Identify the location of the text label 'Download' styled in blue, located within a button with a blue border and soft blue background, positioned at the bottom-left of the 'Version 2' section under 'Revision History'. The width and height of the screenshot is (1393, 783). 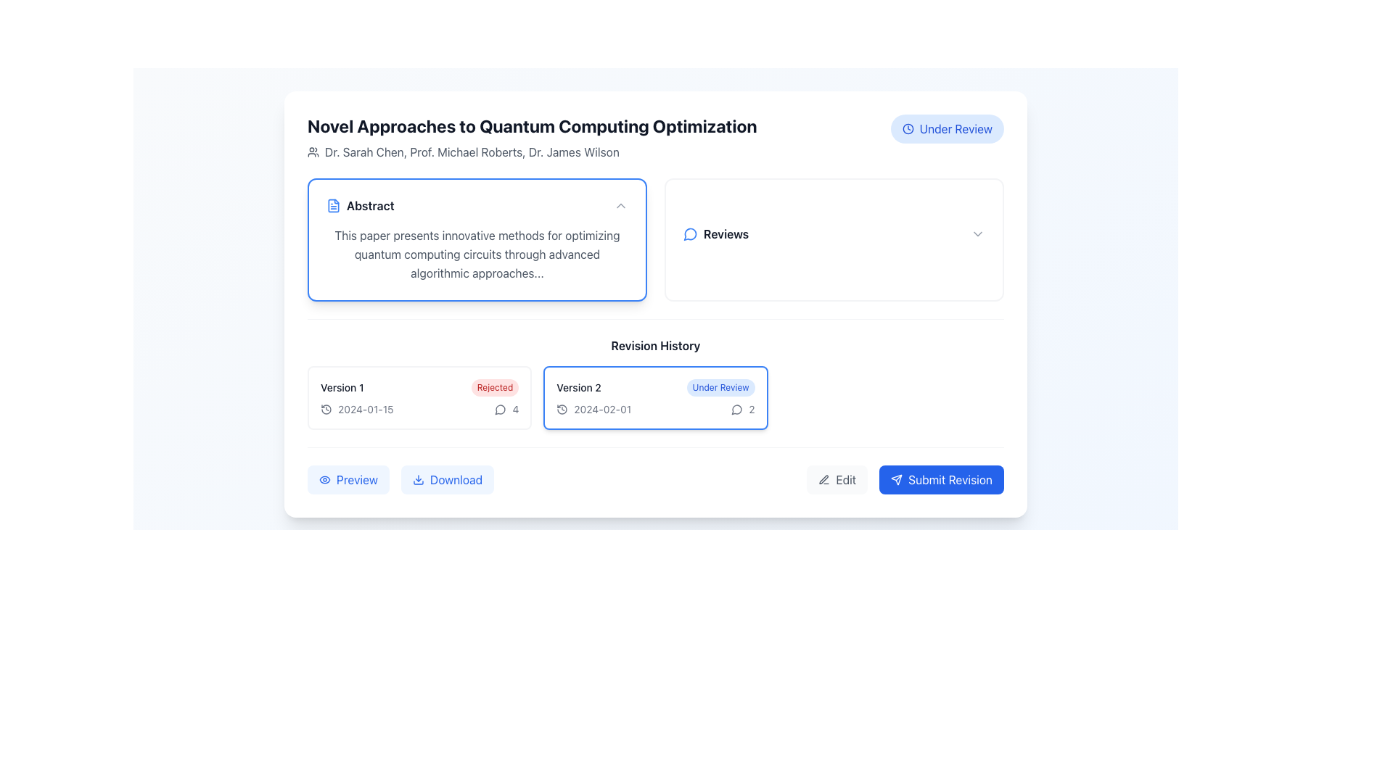
(455, 480).